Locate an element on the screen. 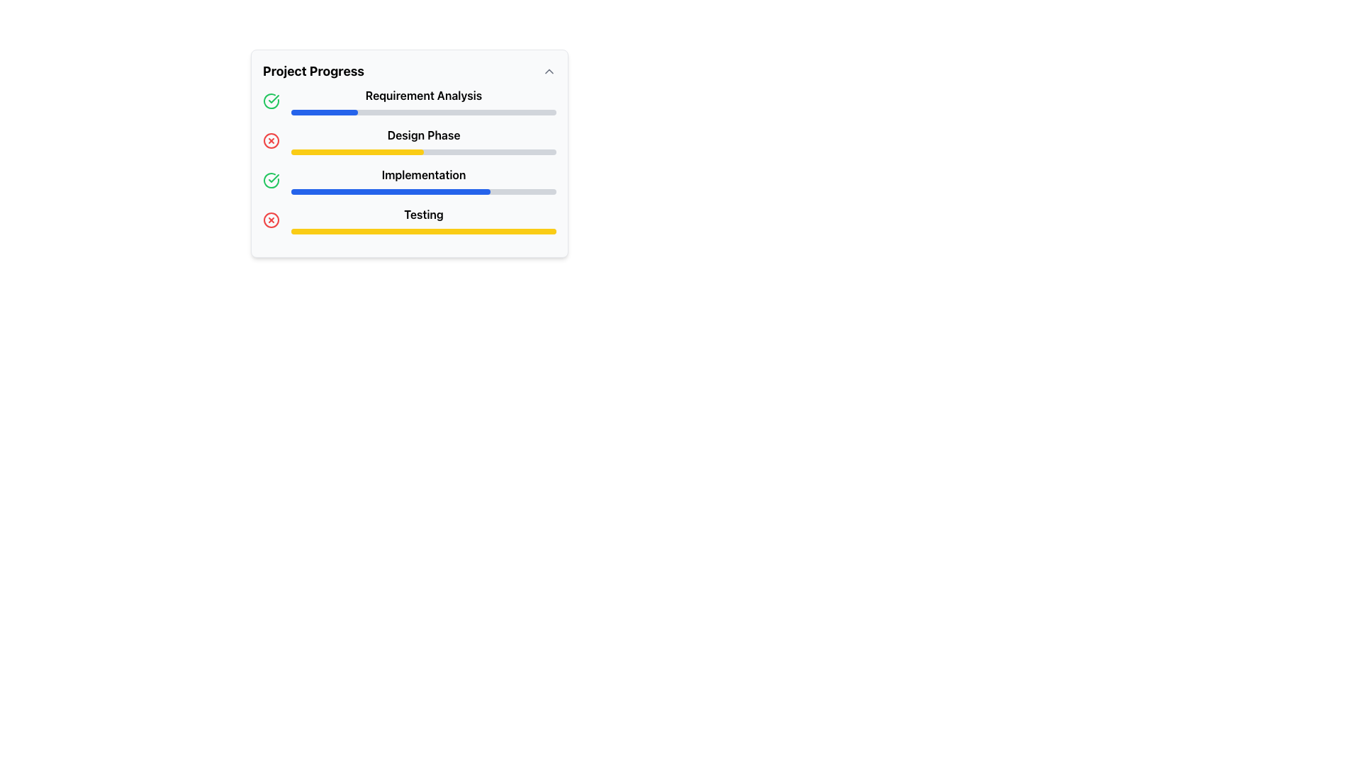 This screenshot has height=765, width=1361. the labeled progress indicator titled 'Requirement Analysis' is located at coordinates (423, 100).